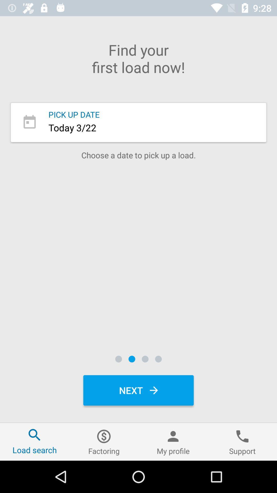  Describe the element at coordinates (104, 441) in the screenshot. I see `the item next to the my profile item` at that location.